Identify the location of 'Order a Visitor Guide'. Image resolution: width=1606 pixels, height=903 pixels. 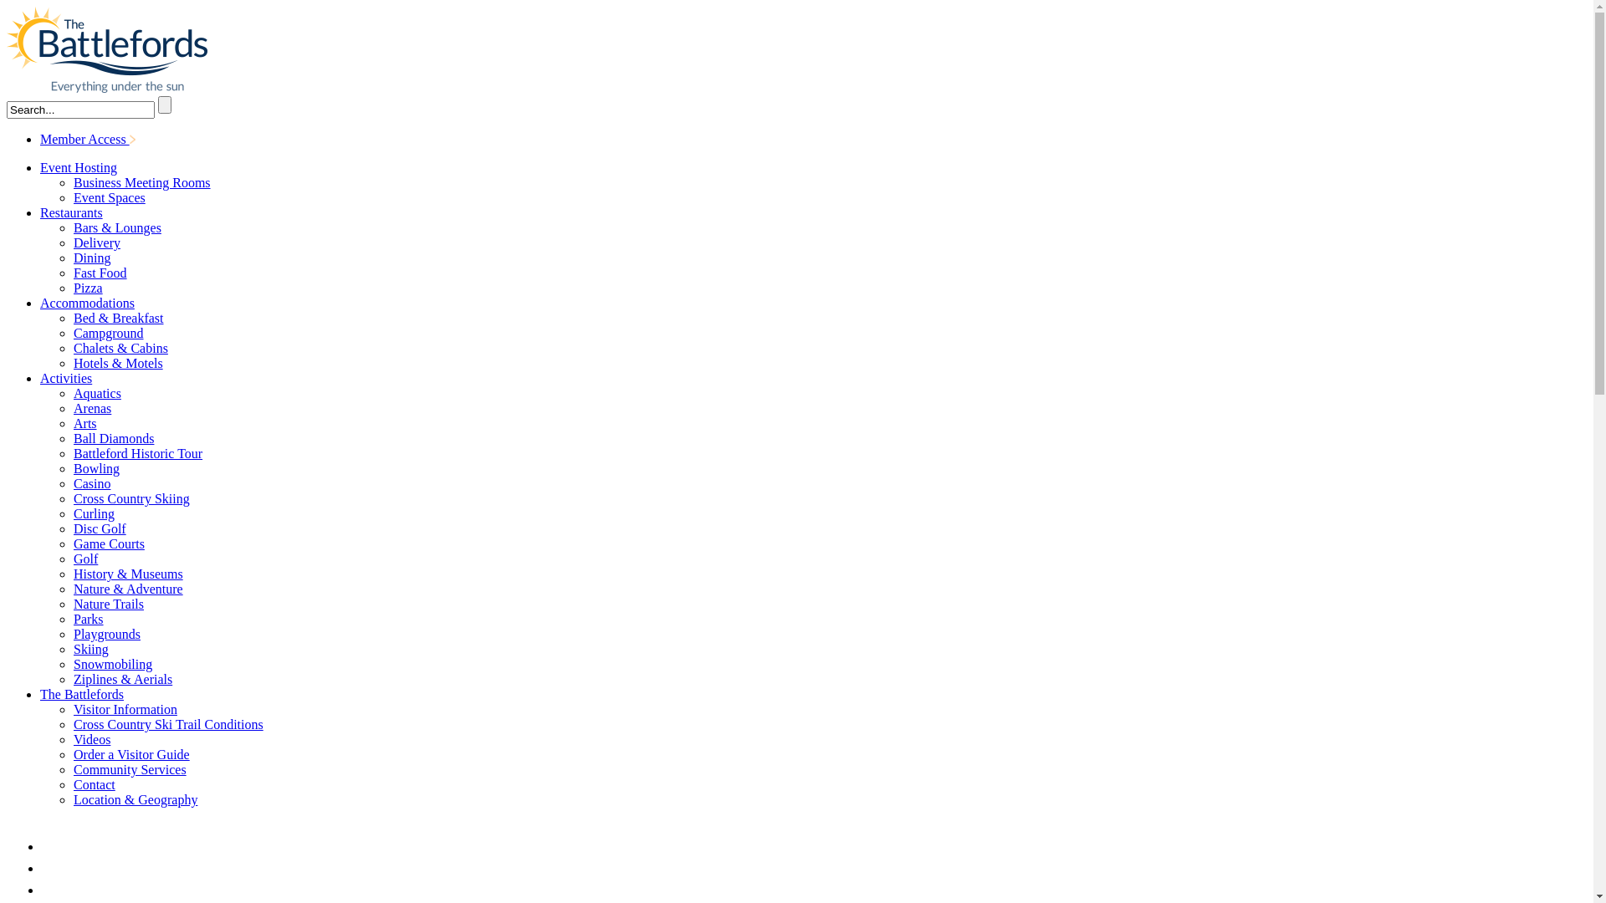
(72, 754).